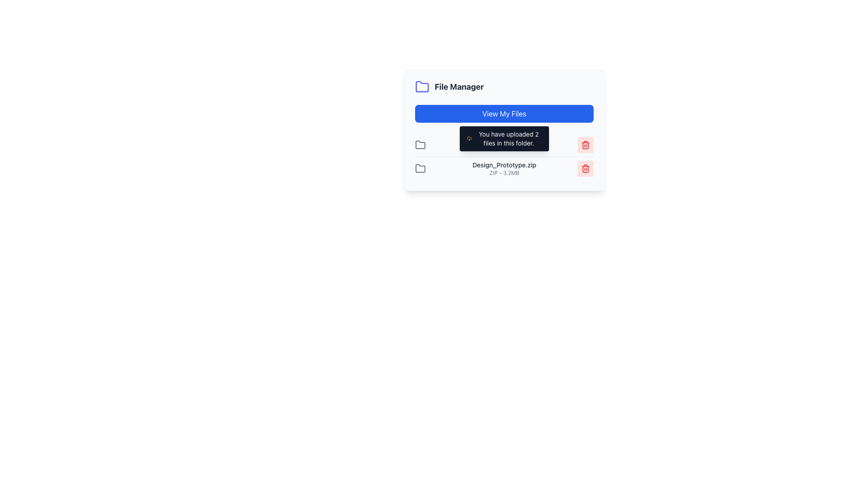 The width and height of the screenshot is (857, 482). What do you see at coordinates (504, 139) in the screenshot?
I see `the Notification text with an accompanying icon that informs the user of their recent action regarding the upload of two files, located below the 'View My Files' button` at bounding box center [504, 139].